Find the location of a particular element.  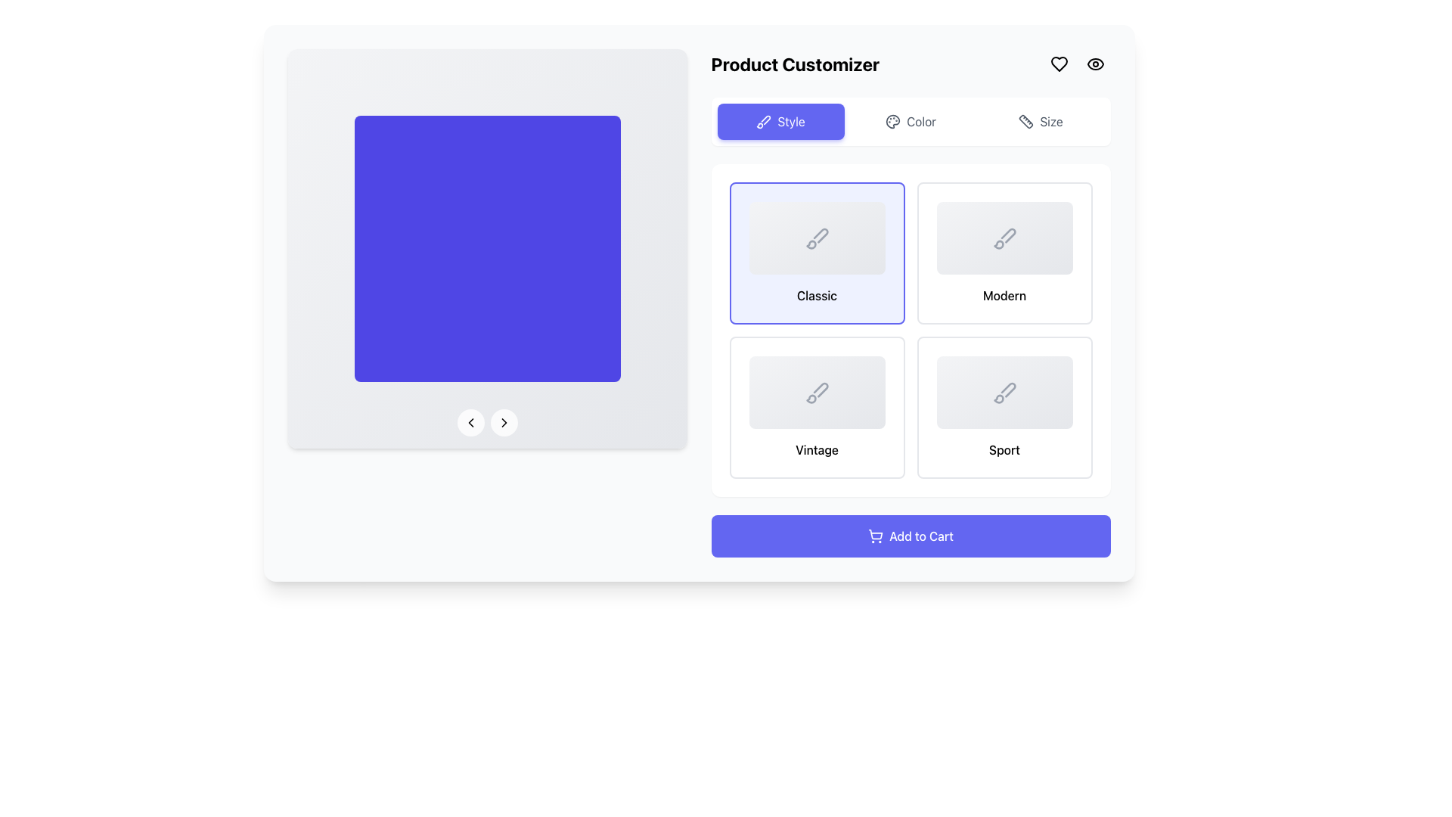

the 'Vintage' selectable card located in the second row, first column of the grid is located at coordinates (816, 407).